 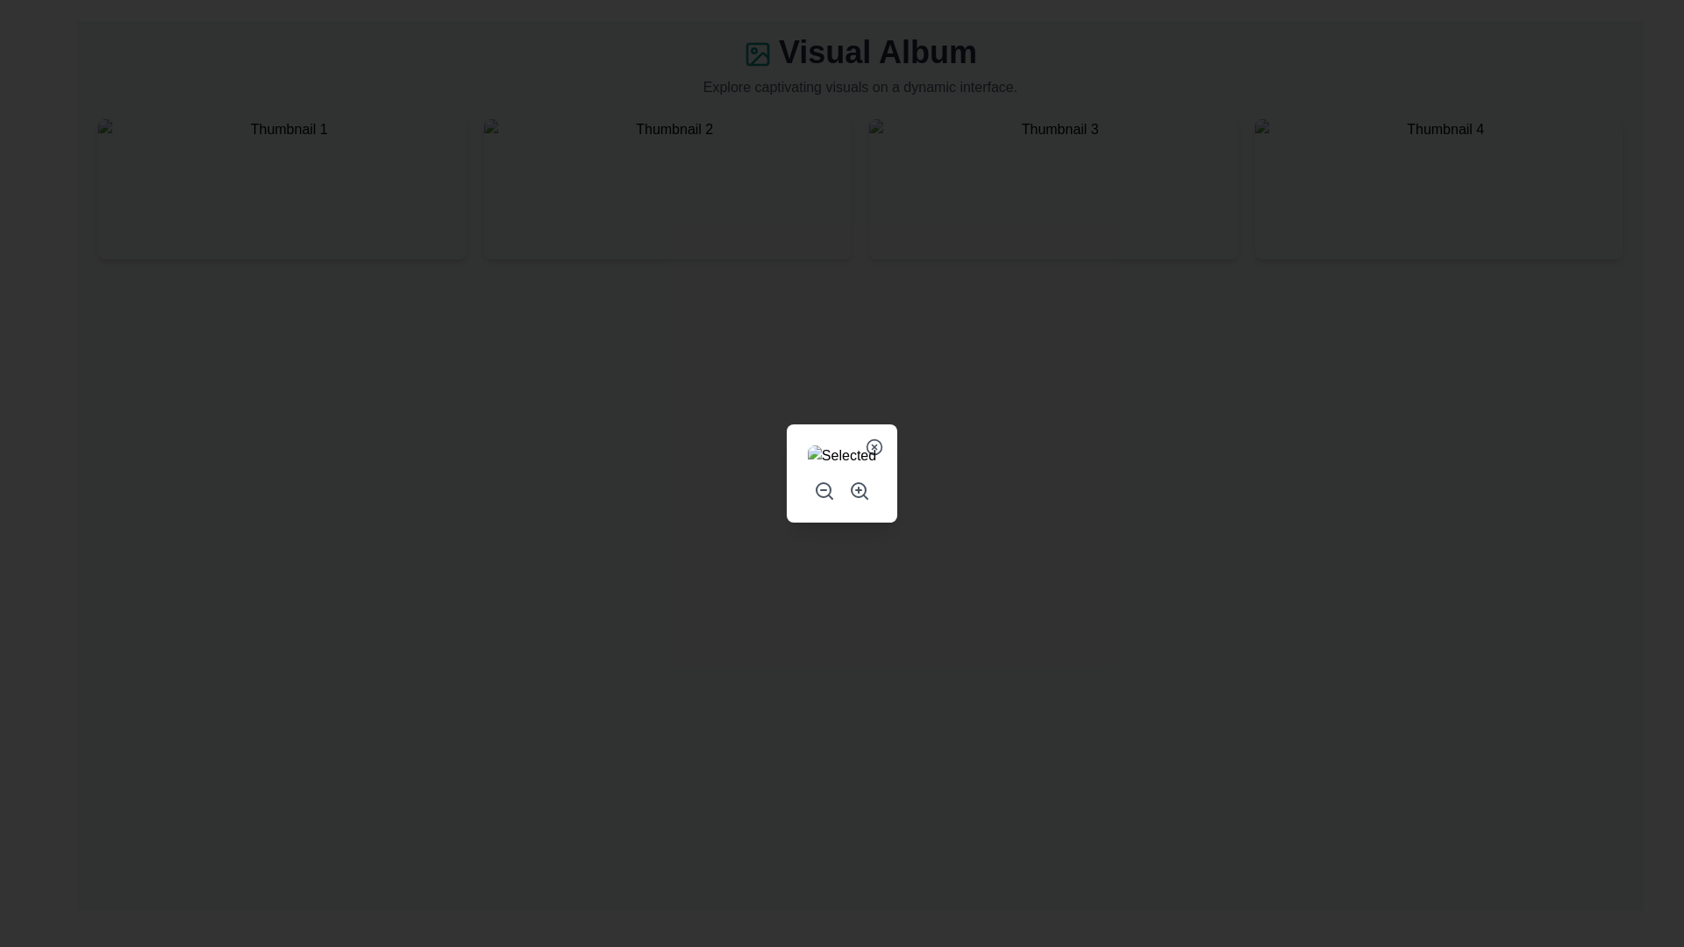 I want to click on the graphical element representing the magnifying glass icon located at the lower right corner of the quick actions panel, so click(x=823, y=490).